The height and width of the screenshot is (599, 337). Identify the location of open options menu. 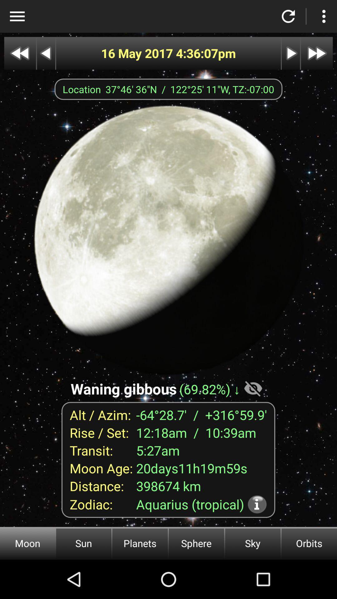
(17, 16).